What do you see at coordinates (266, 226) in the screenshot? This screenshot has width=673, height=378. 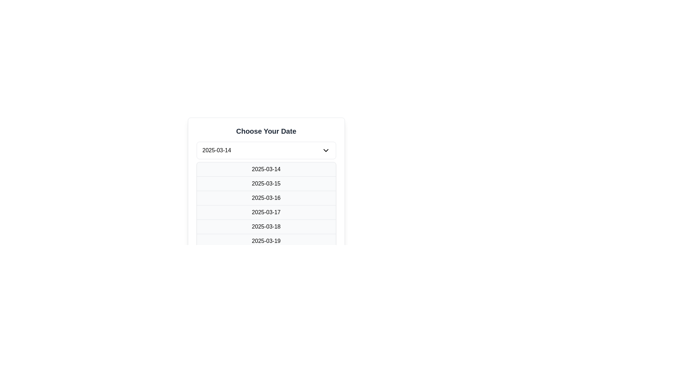 I see `the text item displaying the date '2025-03-18'` at bounding box center [266, 226].